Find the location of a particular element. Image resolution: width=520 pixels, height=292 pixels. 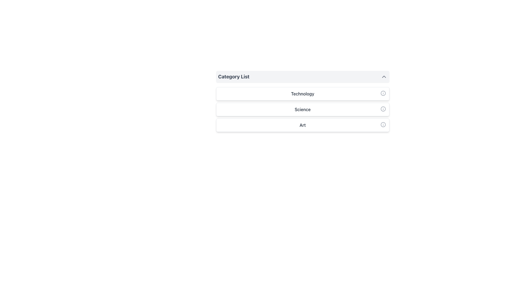

the 'Technology' text label, which indicates the category name within the list of topics in the 'Category List' is located at coordinates (302, 94).